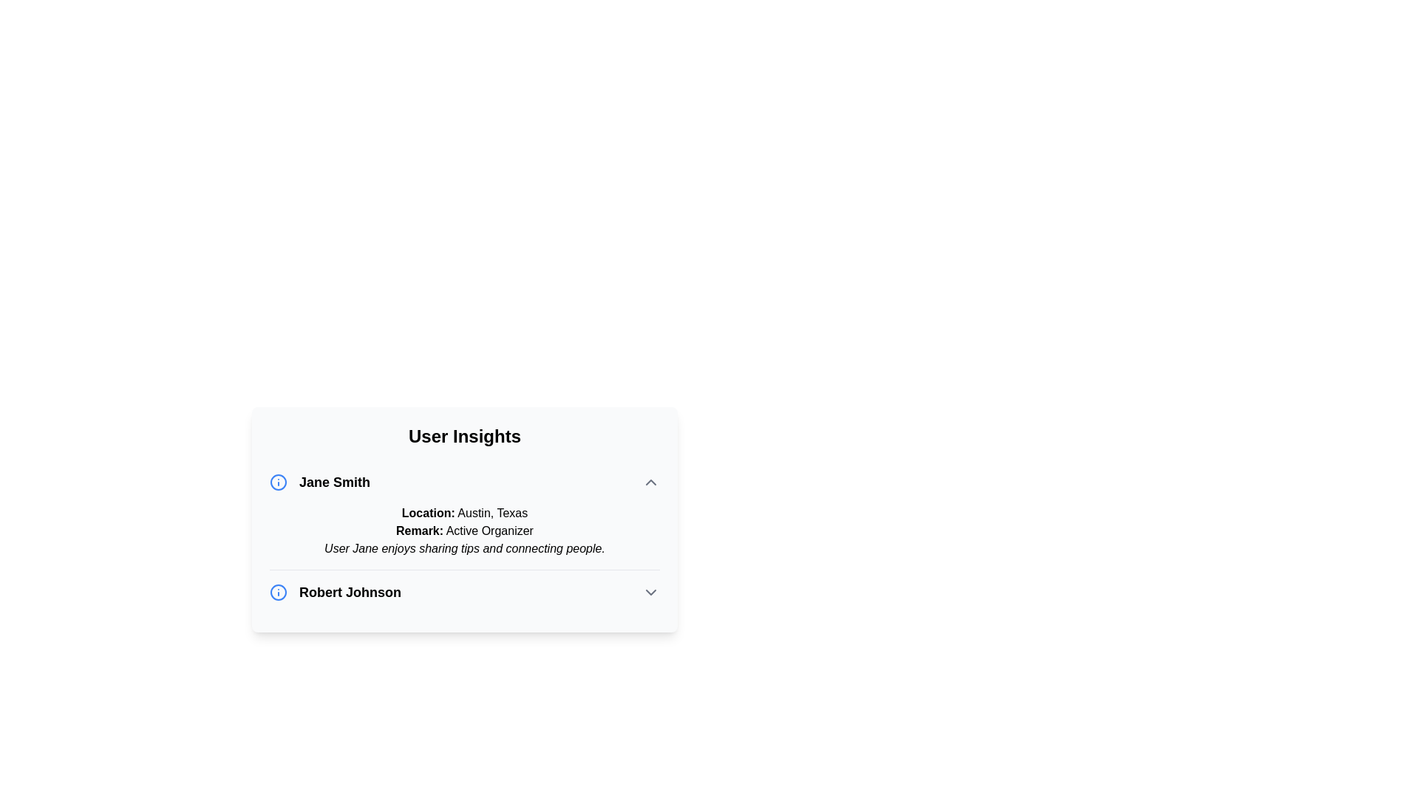 The height and width of the screenshot is (798, 1419). What do you see at coordinates (463, 530) in the screenshot?
I see `text label displaying 'Remark: Active Organizer' which is centrally aligned below the 'Location: Austin, Texas' text` at bounding box center [463, 530].